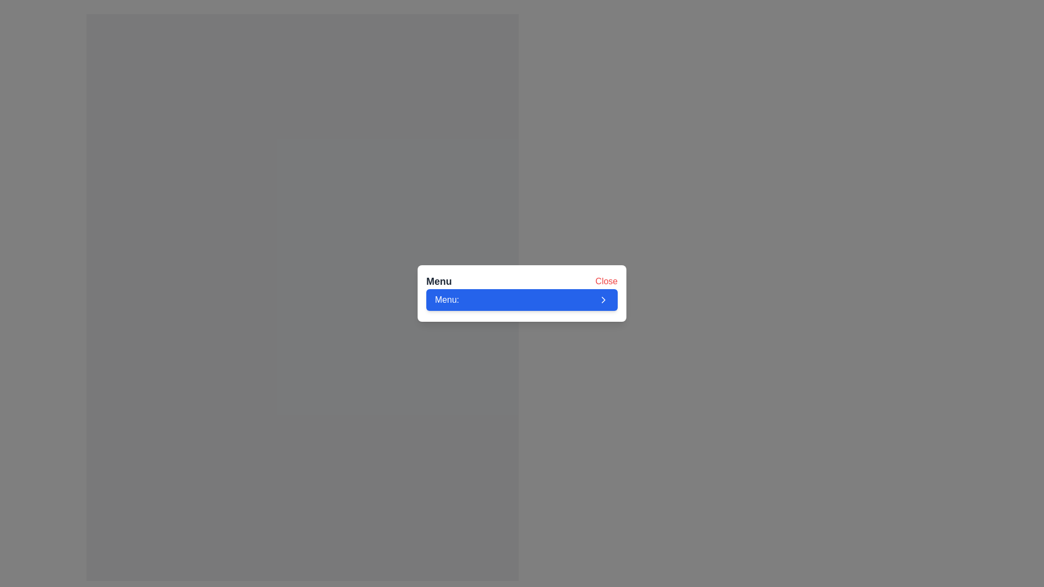 The height and width of the screenshot is (587, 1044). What do you see at coordinates (602, 299) in the screenshot?
I see `the chevron arrow icon located on the right edge of the blue 'Menu:' button to interact with the menu` at bounding box center [602, 299].